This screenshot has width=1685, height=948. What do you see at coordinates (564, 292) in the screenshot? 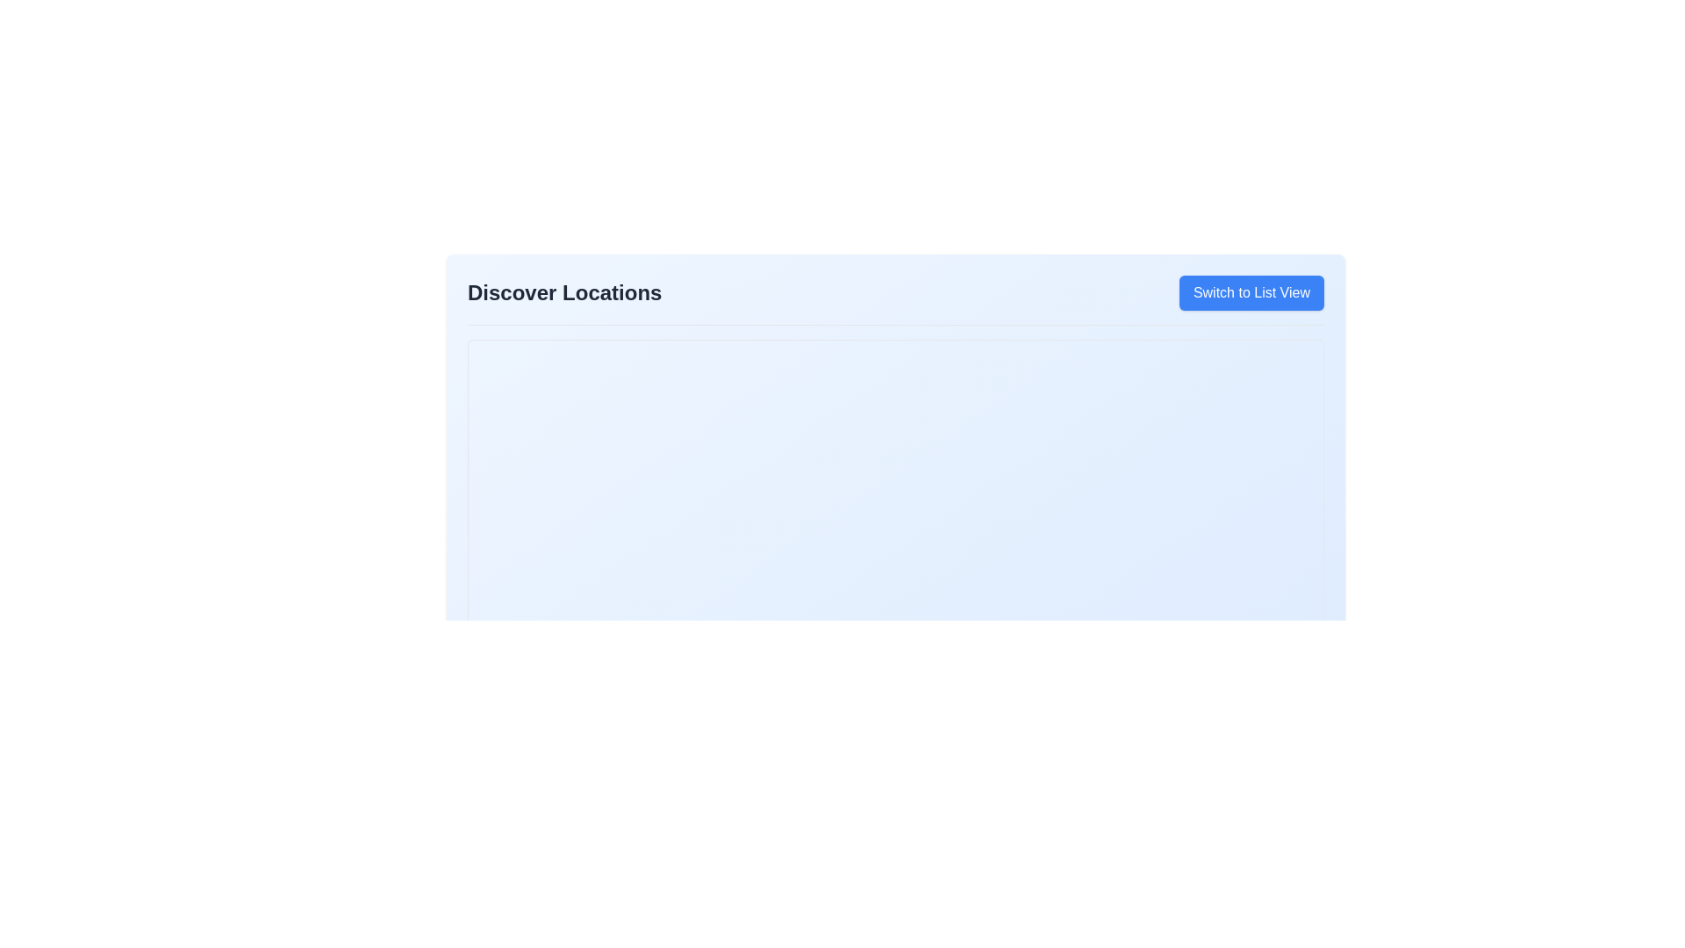
I see `the text label that serves as a heading or title for the section, positioned in the top-left corner of the page` at bounding box center [564, 292].